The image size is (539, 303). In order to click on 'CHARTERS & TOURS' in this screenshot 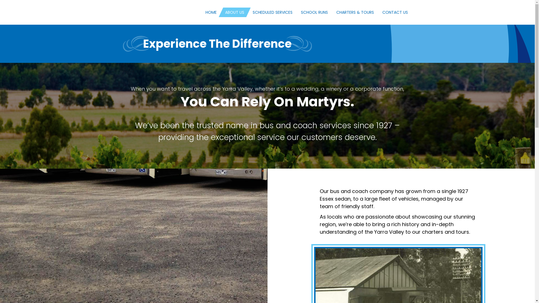, I will do `click(353, 12)`.